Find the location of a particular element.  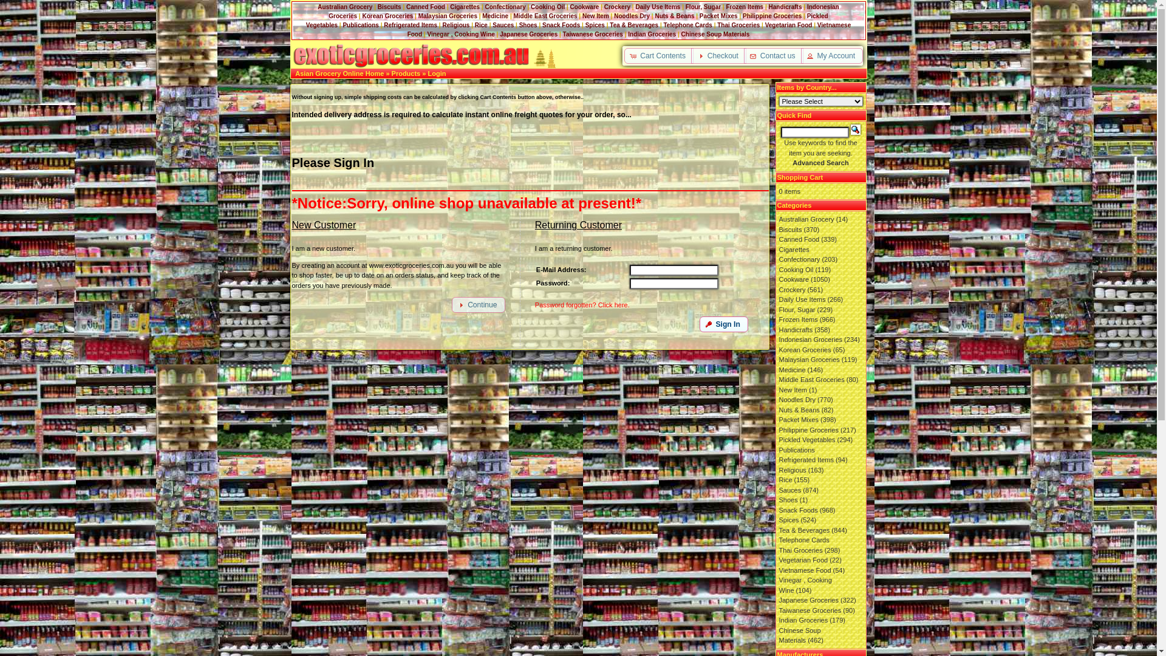

'Handicrafts' is located at coordinates (785, 7).